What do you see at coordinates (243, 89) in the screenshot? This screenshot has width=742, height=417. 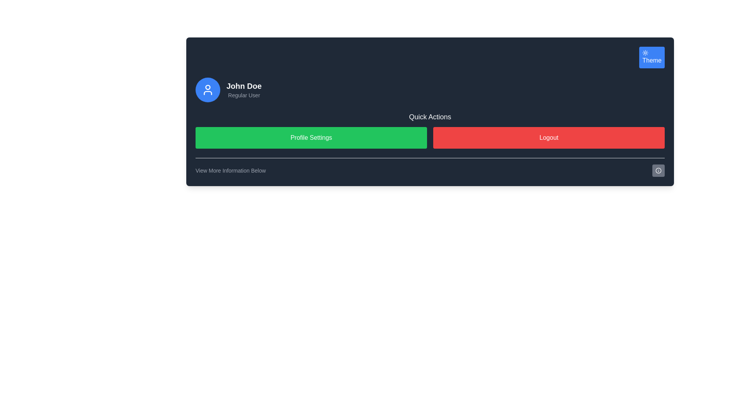 I see `the label displaying 'John Doe' and 'Regular User', which is aligned to the left and located to the right of a circular avatar icon` at bounding box center [243, 89].